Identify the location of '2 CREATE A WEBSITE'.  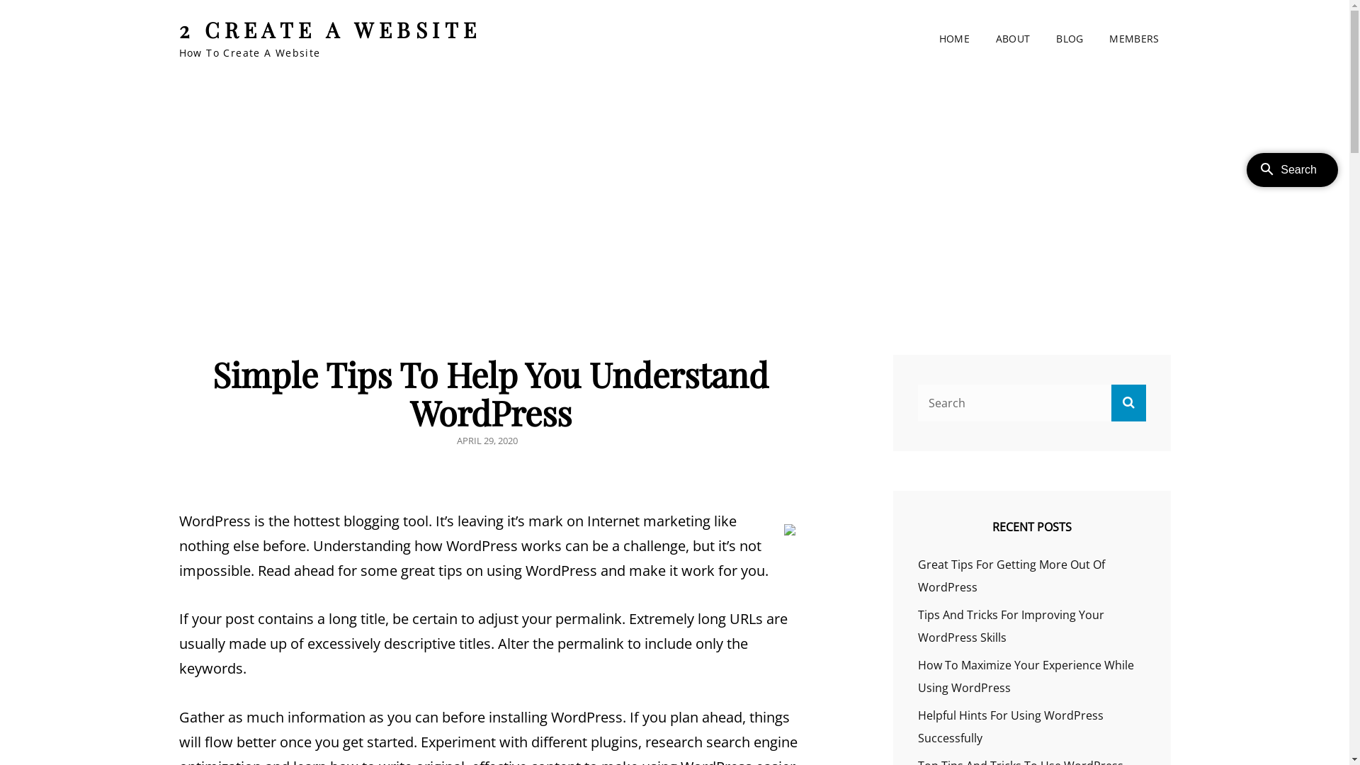
(329, 30).